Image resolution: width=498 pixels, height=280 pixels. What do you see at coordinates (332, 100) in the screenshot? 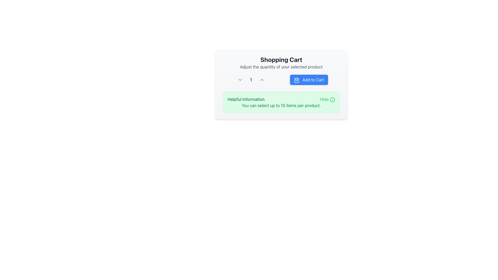
I see `the info circle icon next to the 'Hide' label in the top-right corner of the green informational box` at bounding box center [332, 100].